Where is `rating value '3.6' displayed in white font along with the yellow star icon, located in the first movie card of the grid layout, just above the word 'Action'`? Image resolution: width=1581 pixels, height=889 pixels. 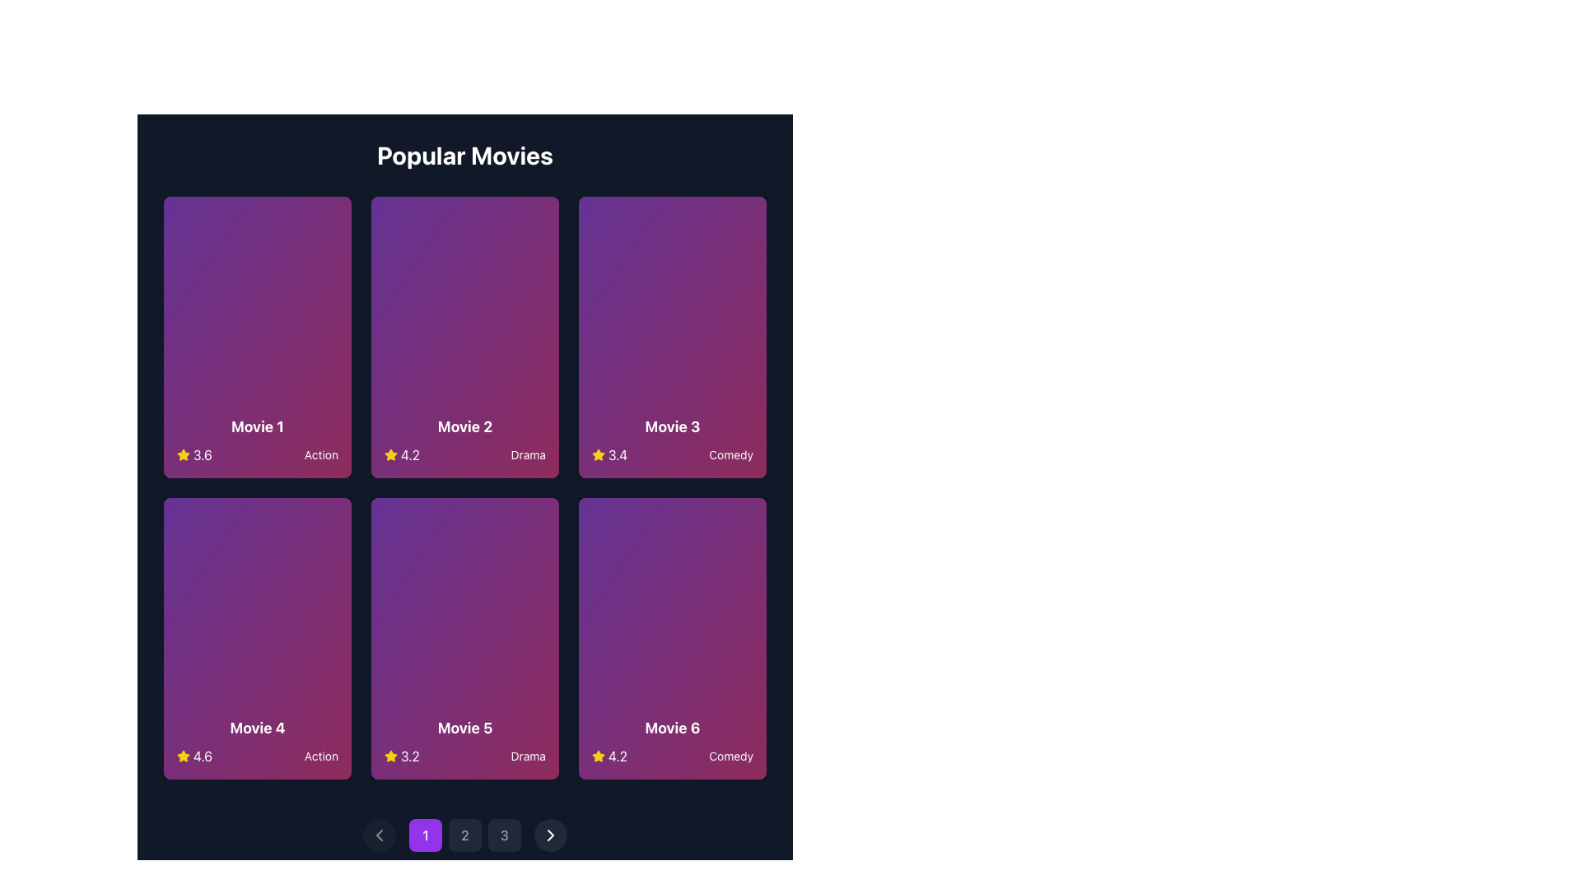 rating value '3.6' displayed in white font along with the yellow star icon, located in the first movie card of the grid layout, just above the word 'Action' is located at coordinates (194, 454).